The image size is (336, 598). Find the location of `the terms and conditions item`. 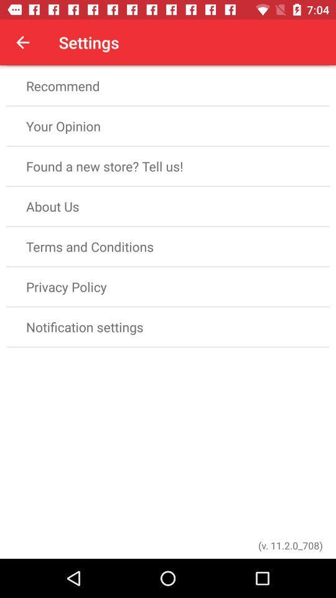

the terms and conditions item is located at coordinates (168, 246).